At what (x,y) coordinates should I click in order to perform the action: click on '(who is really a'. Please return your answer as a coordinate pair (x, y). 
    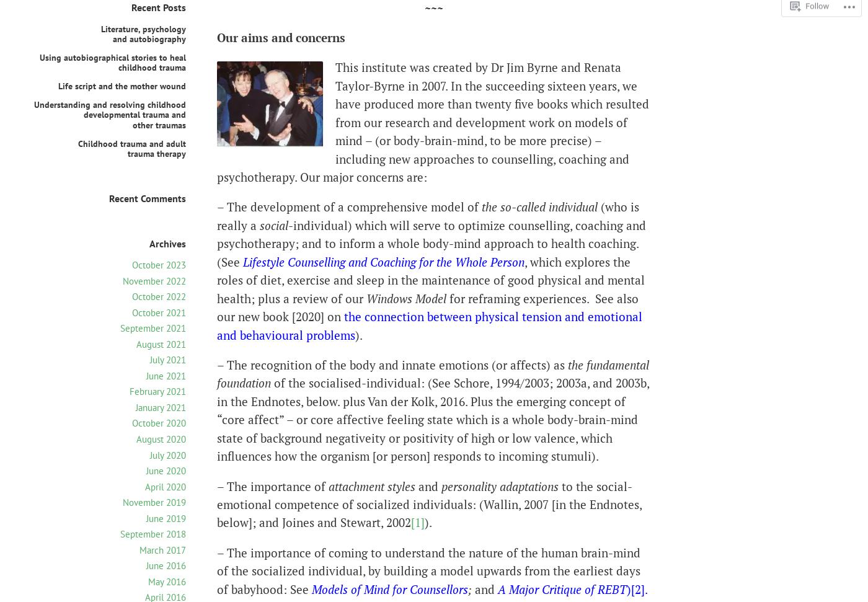
    Looking at the image, I should click on (428, 216).